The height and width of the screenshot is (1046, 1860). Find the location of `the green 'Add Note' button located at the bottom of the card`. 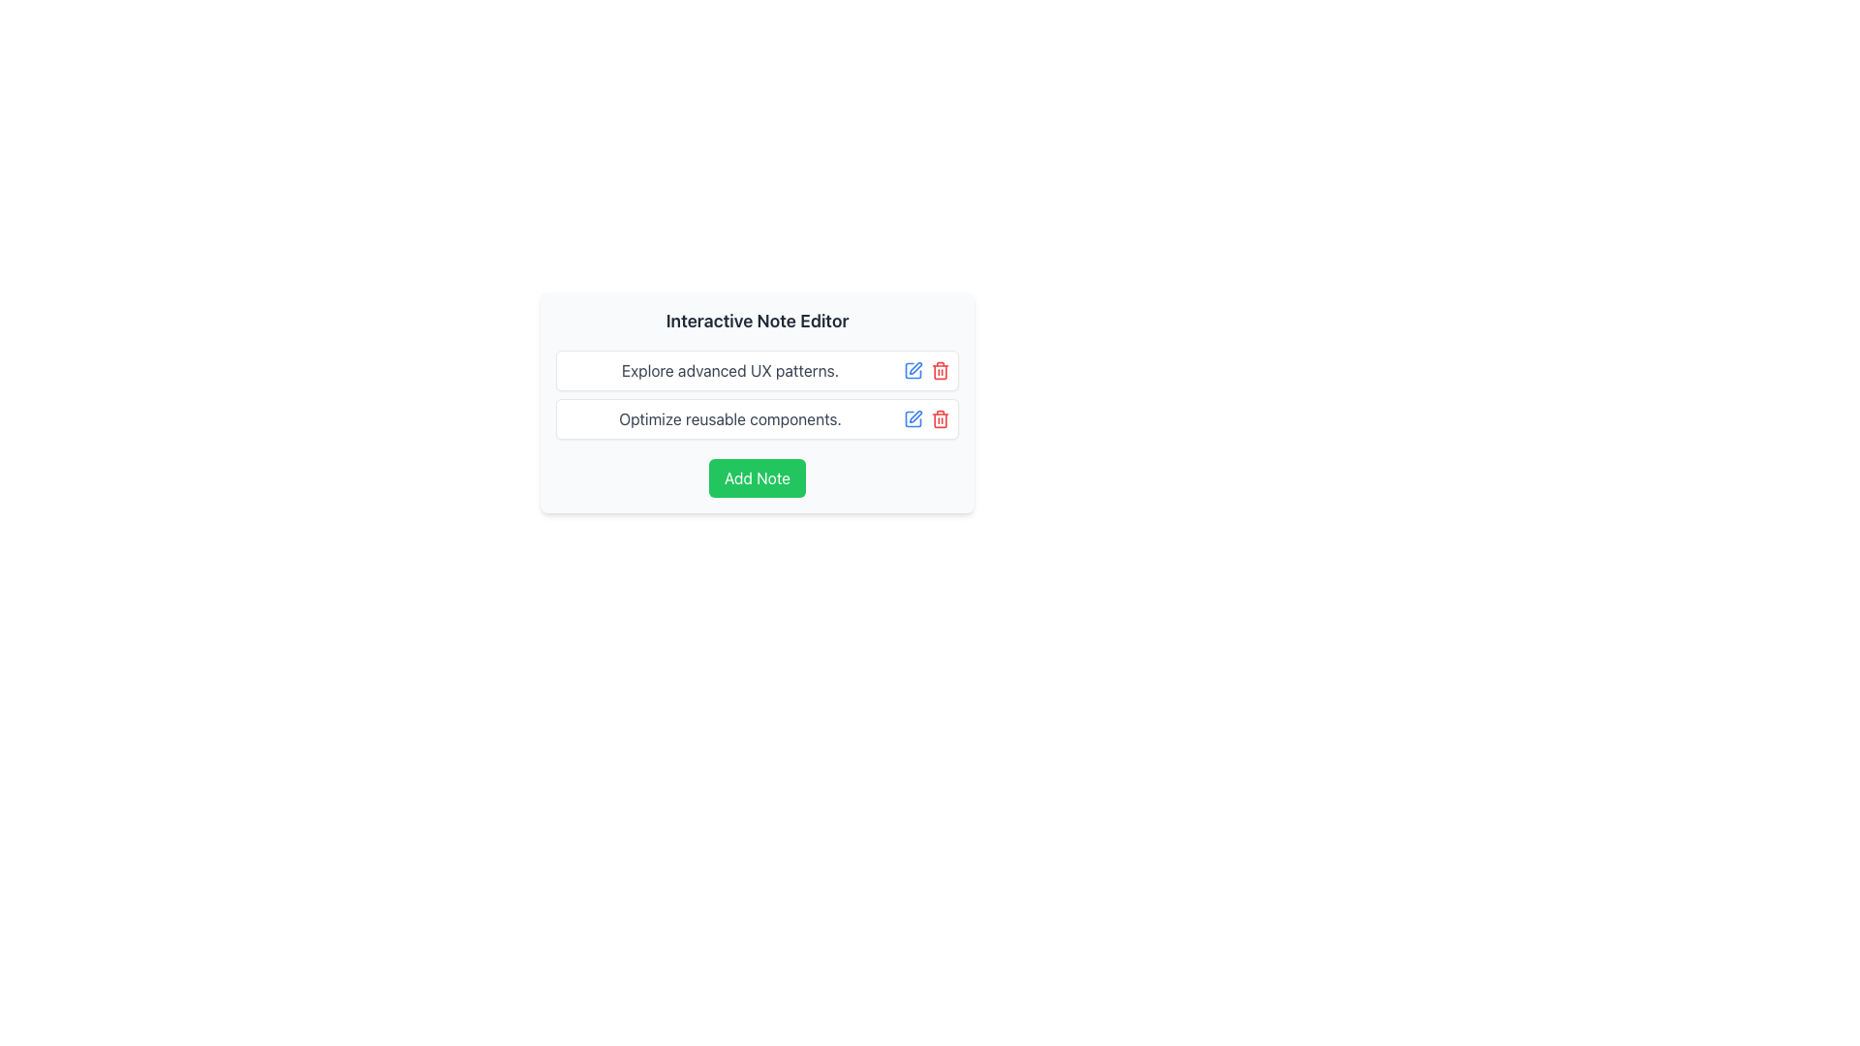

the green 'Add Note' button located at the bottom of the card is located at coordinates (757, 477).